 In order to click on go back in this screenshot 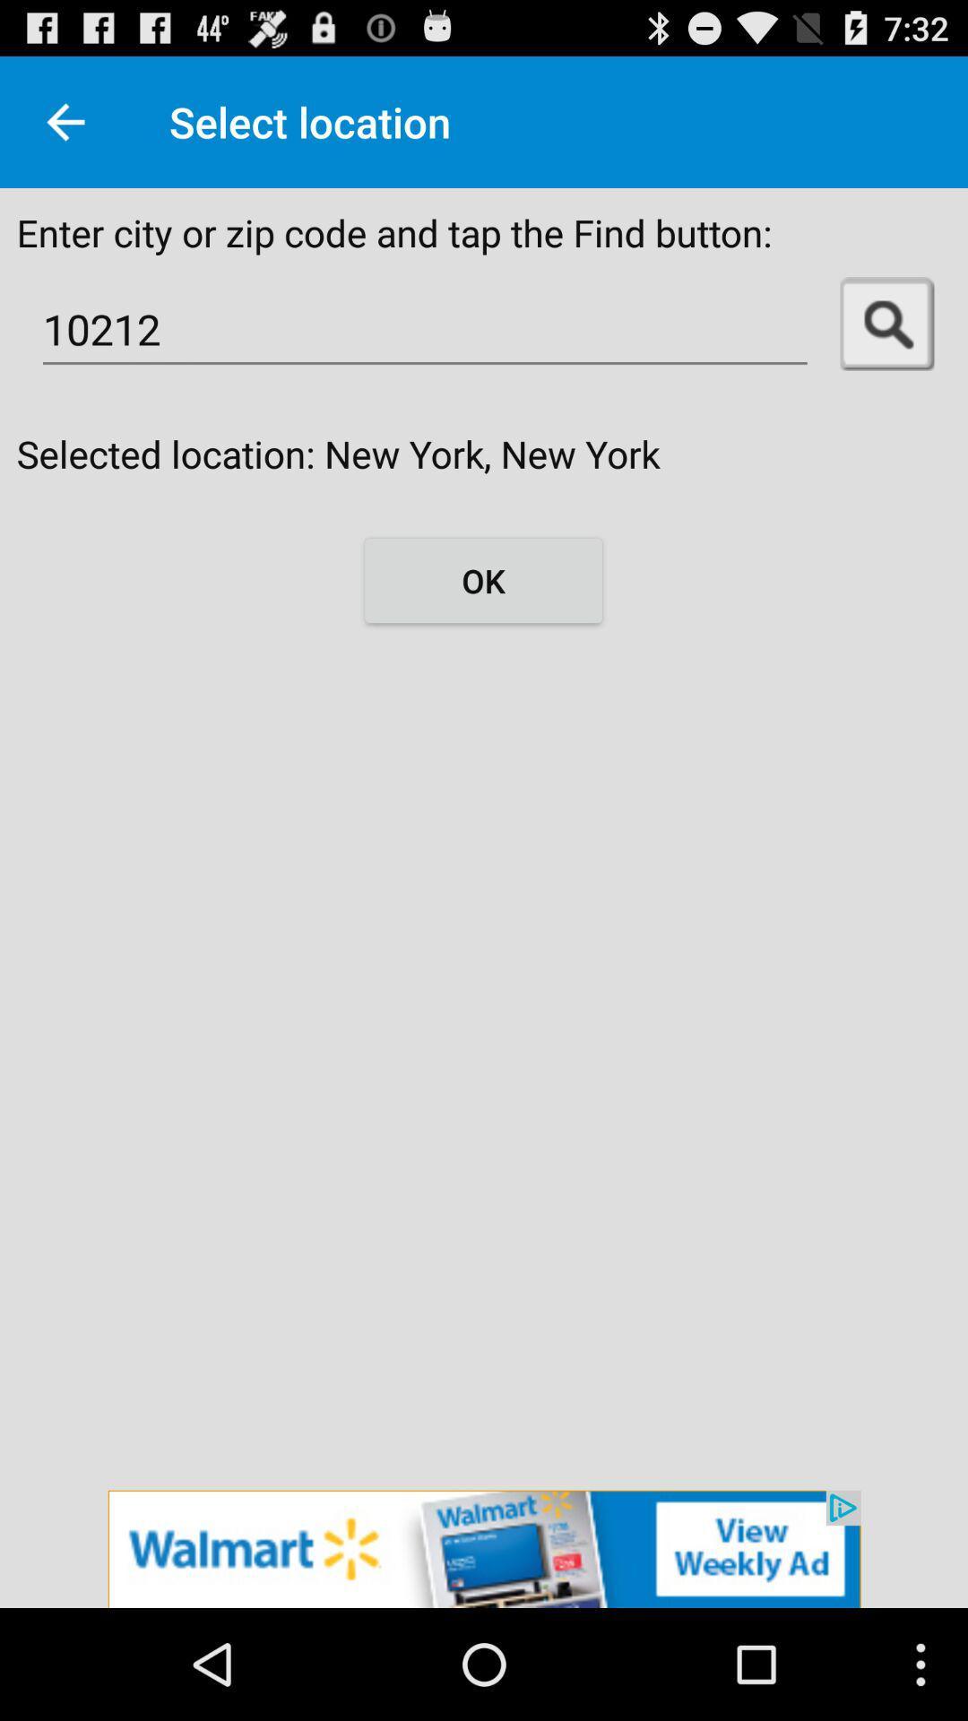, I will do `click(65, 121)`.